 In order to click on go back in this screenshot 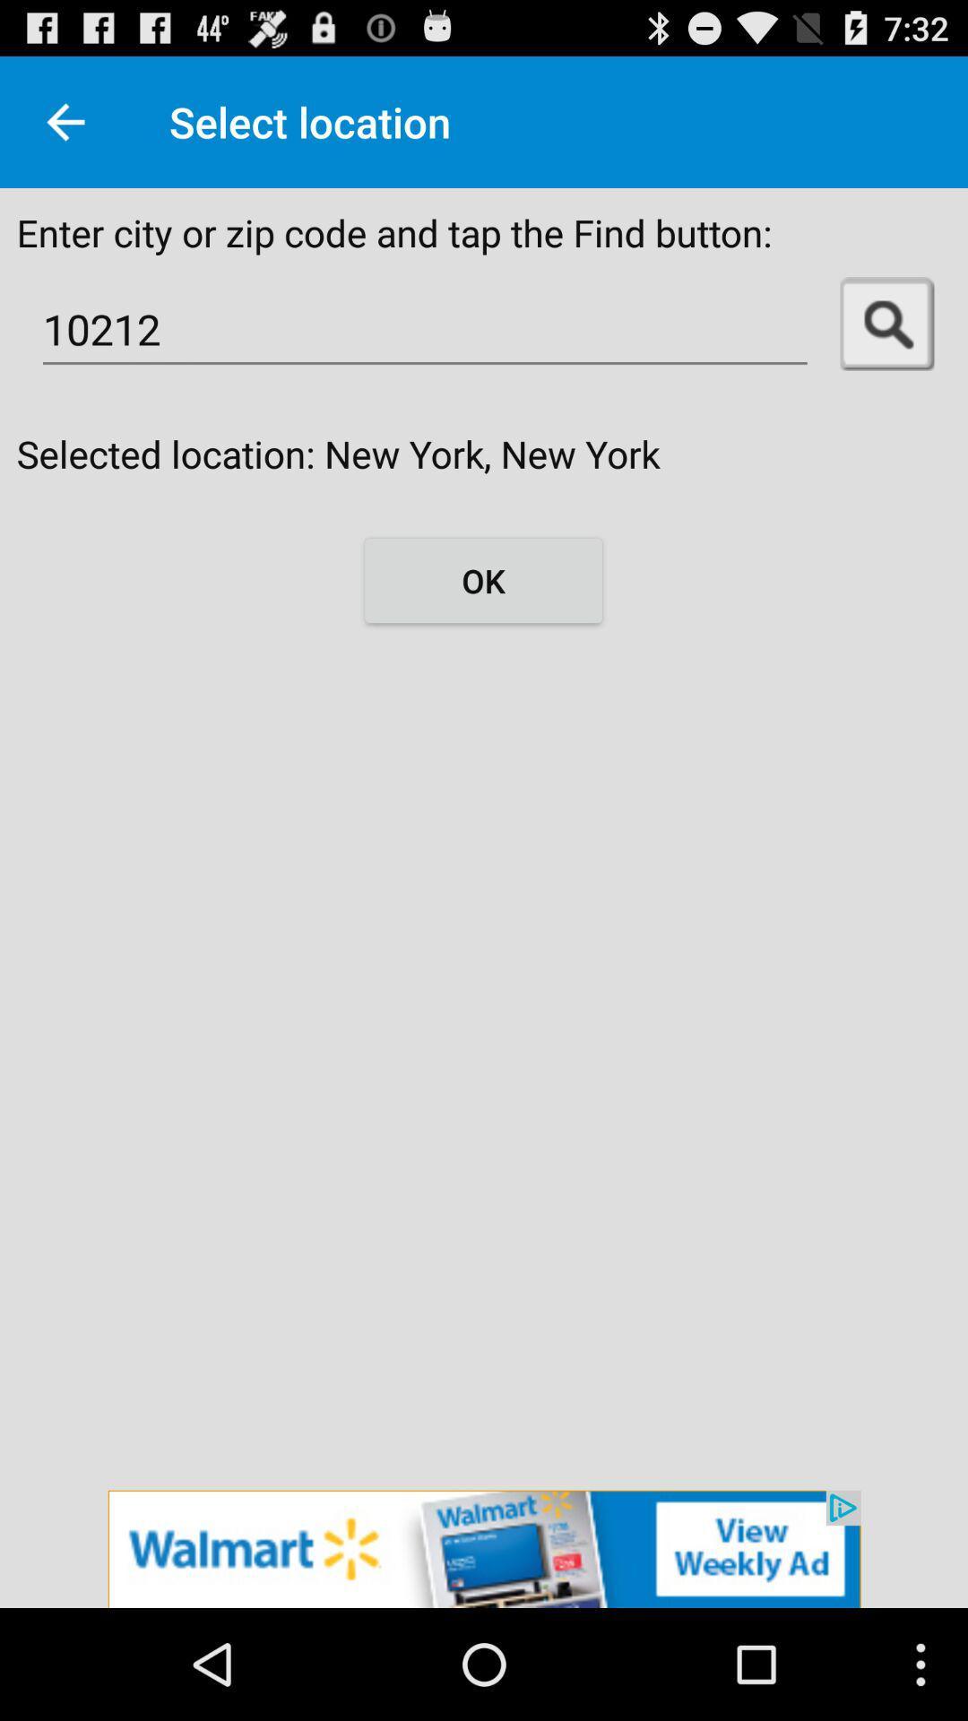, I will do `click(65, 121)`.